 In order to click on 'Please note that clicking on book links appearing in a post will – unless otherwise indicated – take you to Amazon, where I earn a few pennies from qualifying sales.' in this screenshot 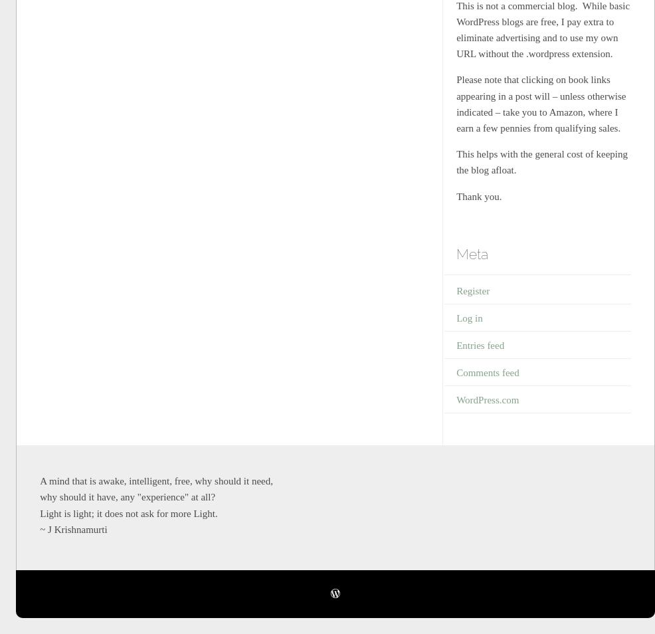, I will do `click(541, 103)`.